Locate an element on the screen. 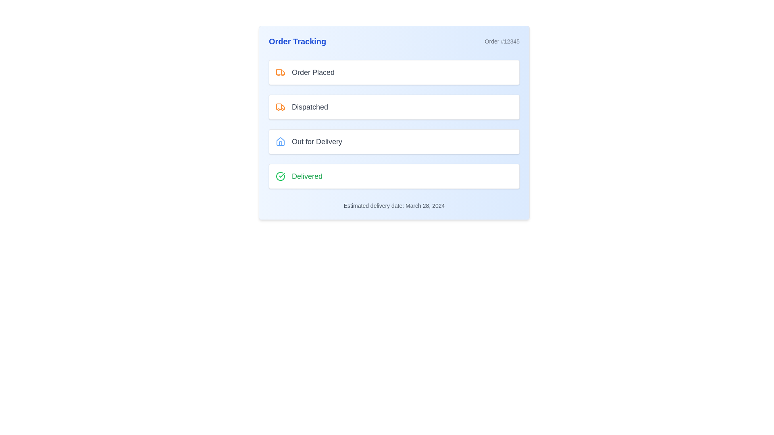 The width and height of the screenshot is (774, 435). the Status Card displaying 'Out for Delivery', which is the third item in the vertical list of status cards under 'Order Tracking' is located at coordinates (394, 141).